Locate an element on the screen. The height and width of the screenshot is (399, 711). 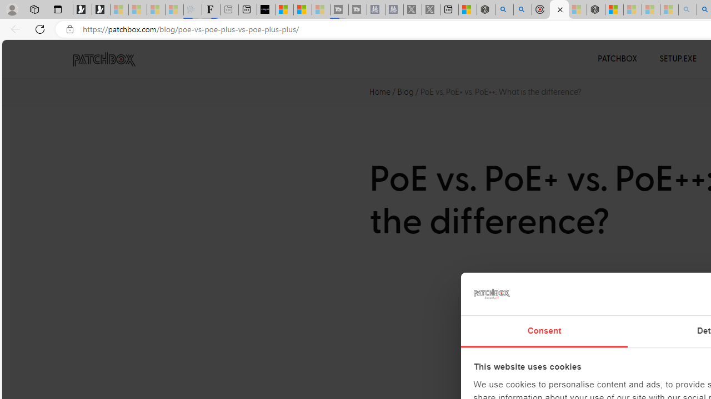
'Newsletter Sign Up' is located at coordinates (101, 9).